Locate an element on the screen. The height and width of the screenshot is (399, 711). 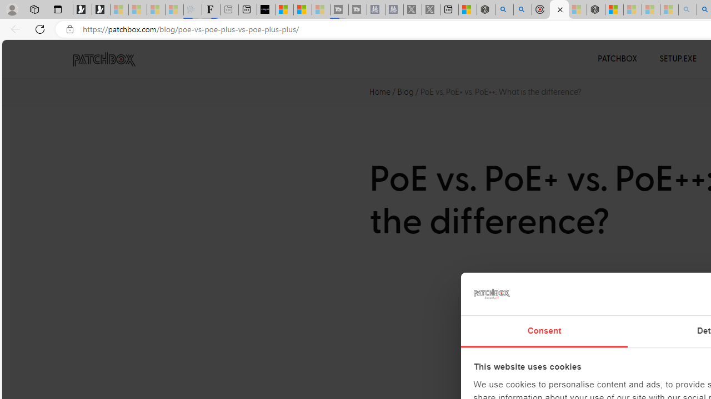
'Newsletter Sign Up' is located at coordinates (101, 9).